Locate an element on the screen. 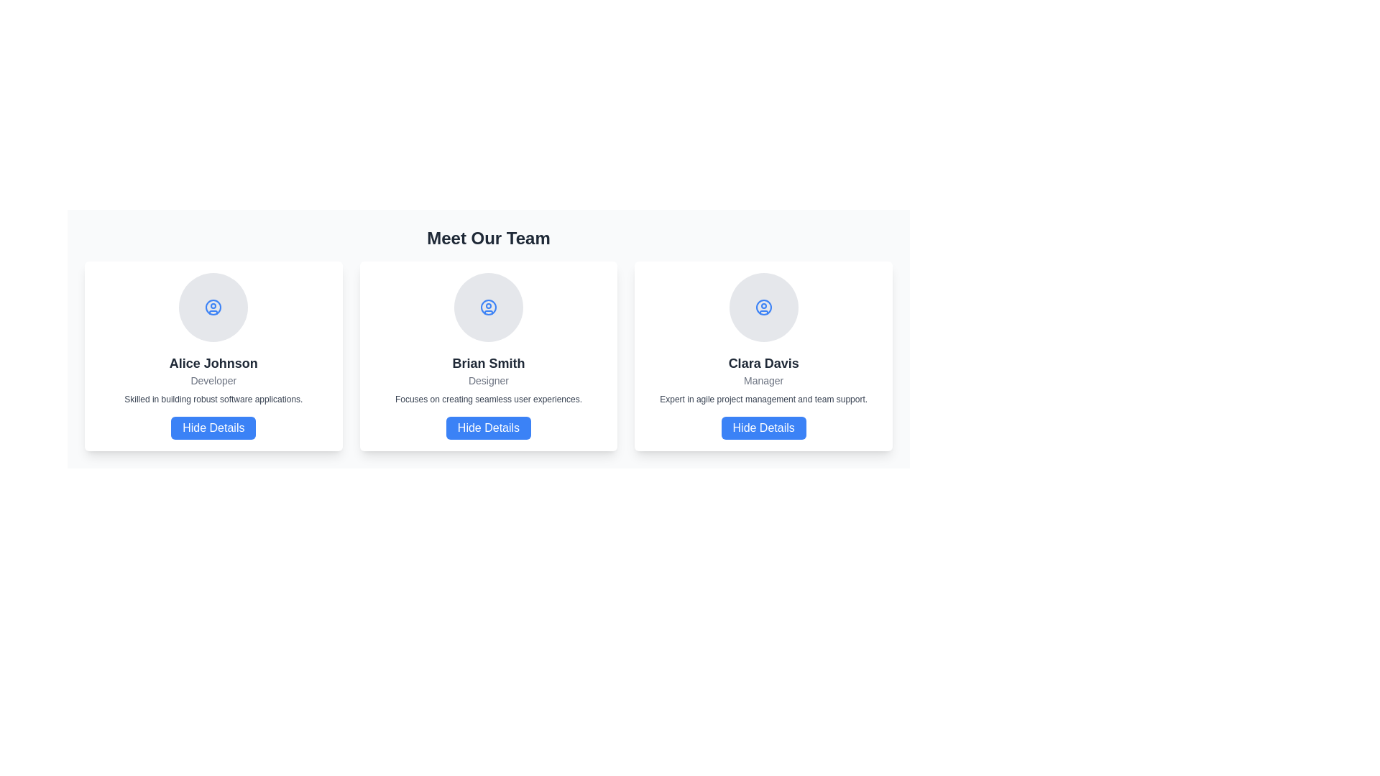 The height and width of the screenshot is (776, 1380). the circular avatar icon with a light gray background and a blue outline representing 'Clara Davis' in the 'Meet Our Team' layout is located at coordinates (763, 307).